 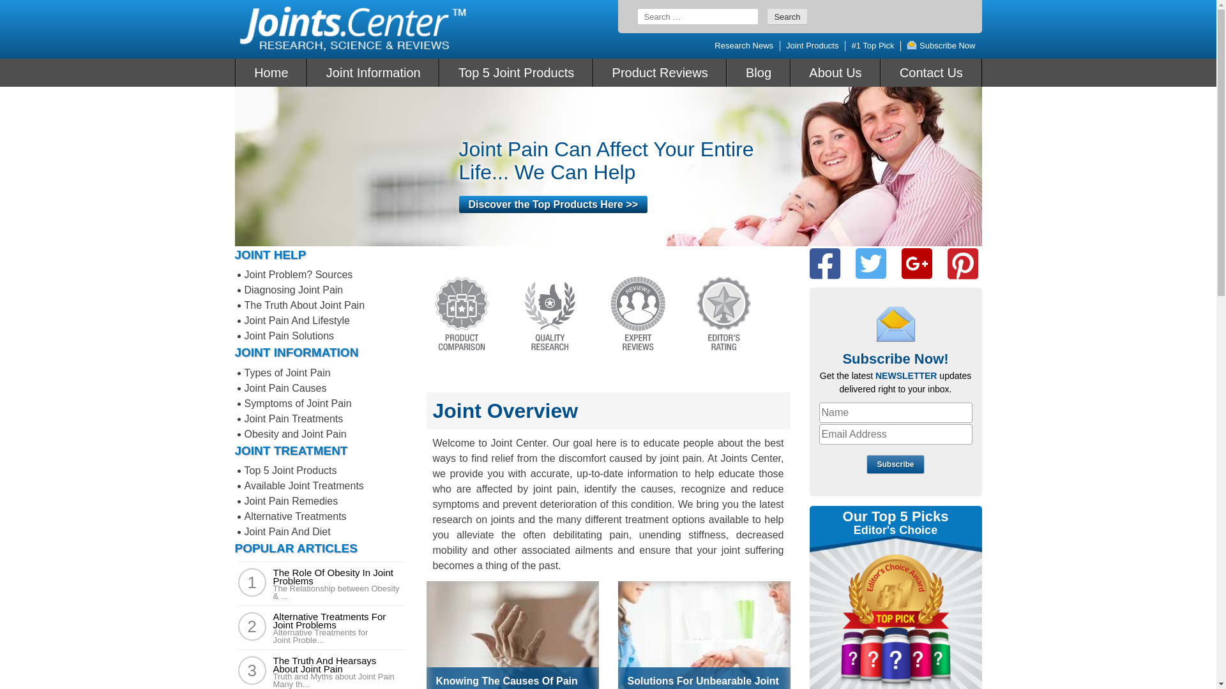 I want to click on 'Home', so click(x=270, y=73).